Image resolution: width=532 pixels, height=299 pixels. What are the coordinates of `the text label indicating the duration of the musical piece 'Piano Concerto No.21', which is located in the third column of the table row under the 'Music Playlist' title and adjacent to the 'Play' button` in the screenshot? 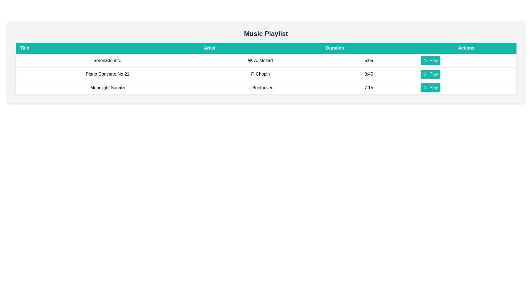 It's located at (369, 74).